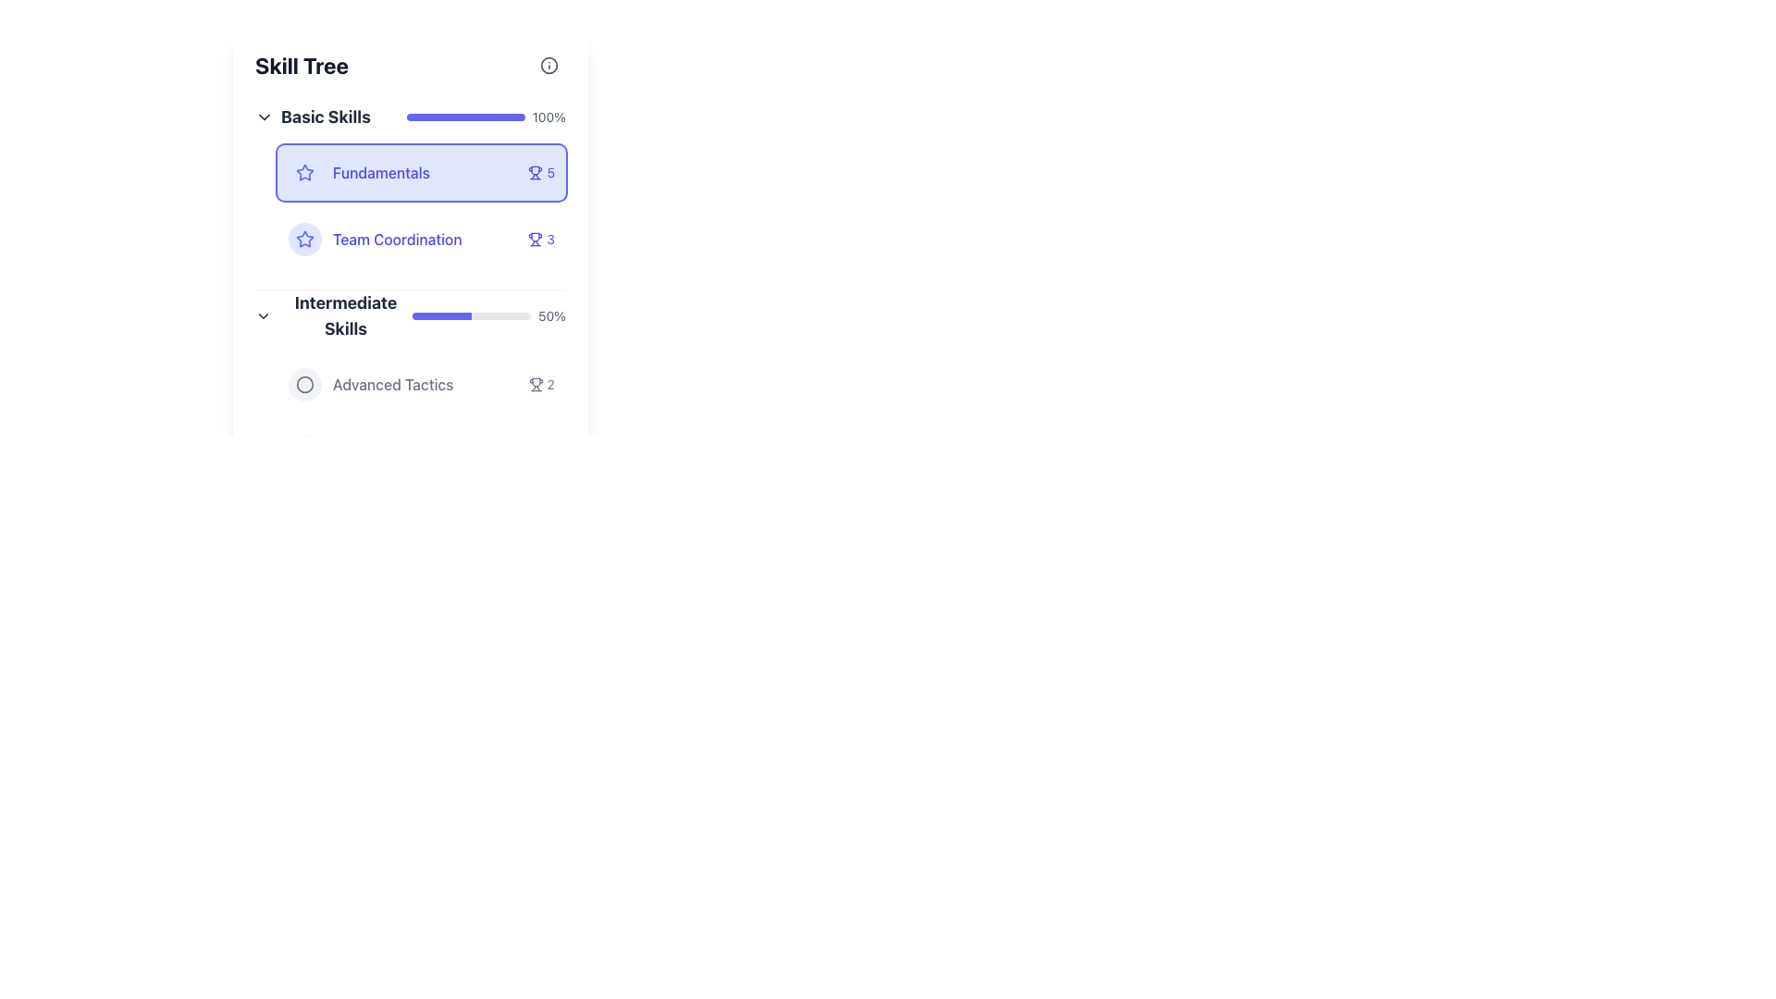 This screenshot has height=999, width=1776. What do you see at coordinates (535, 172) in the screenshot?
I see `the trophy icon indicating achievements or rewards associated with the skill labeled 'Fundamentals', which is located in the 'Basic Skills' category, next to the number '5'` at bounding box center [535, 172].